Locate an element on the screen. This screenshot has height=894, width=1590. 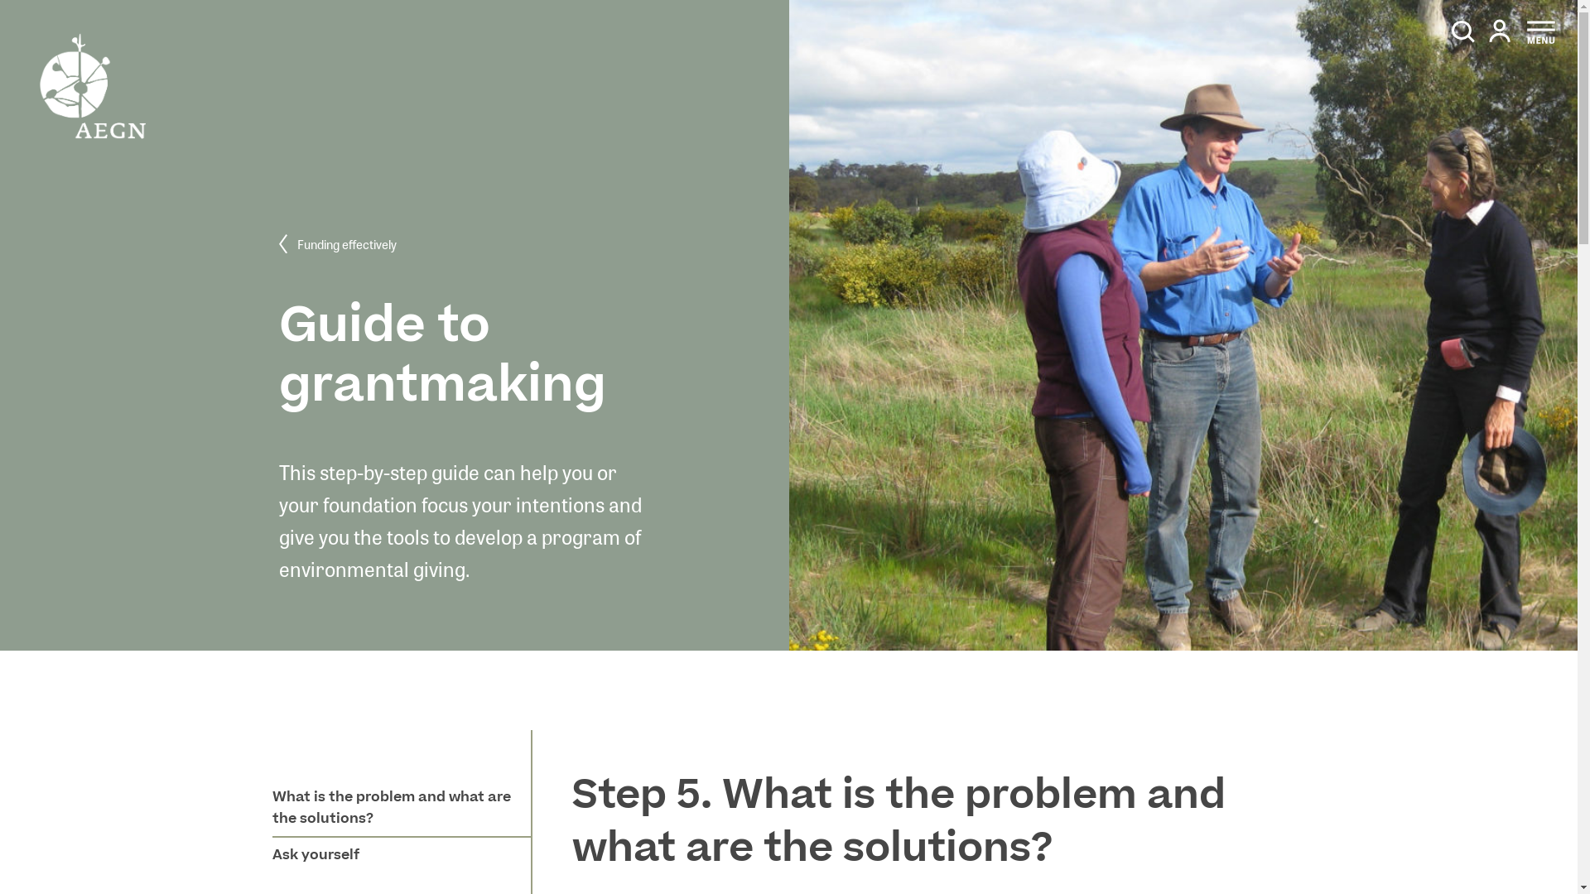
'Funding effectively' is located at coordinates (278, 245).